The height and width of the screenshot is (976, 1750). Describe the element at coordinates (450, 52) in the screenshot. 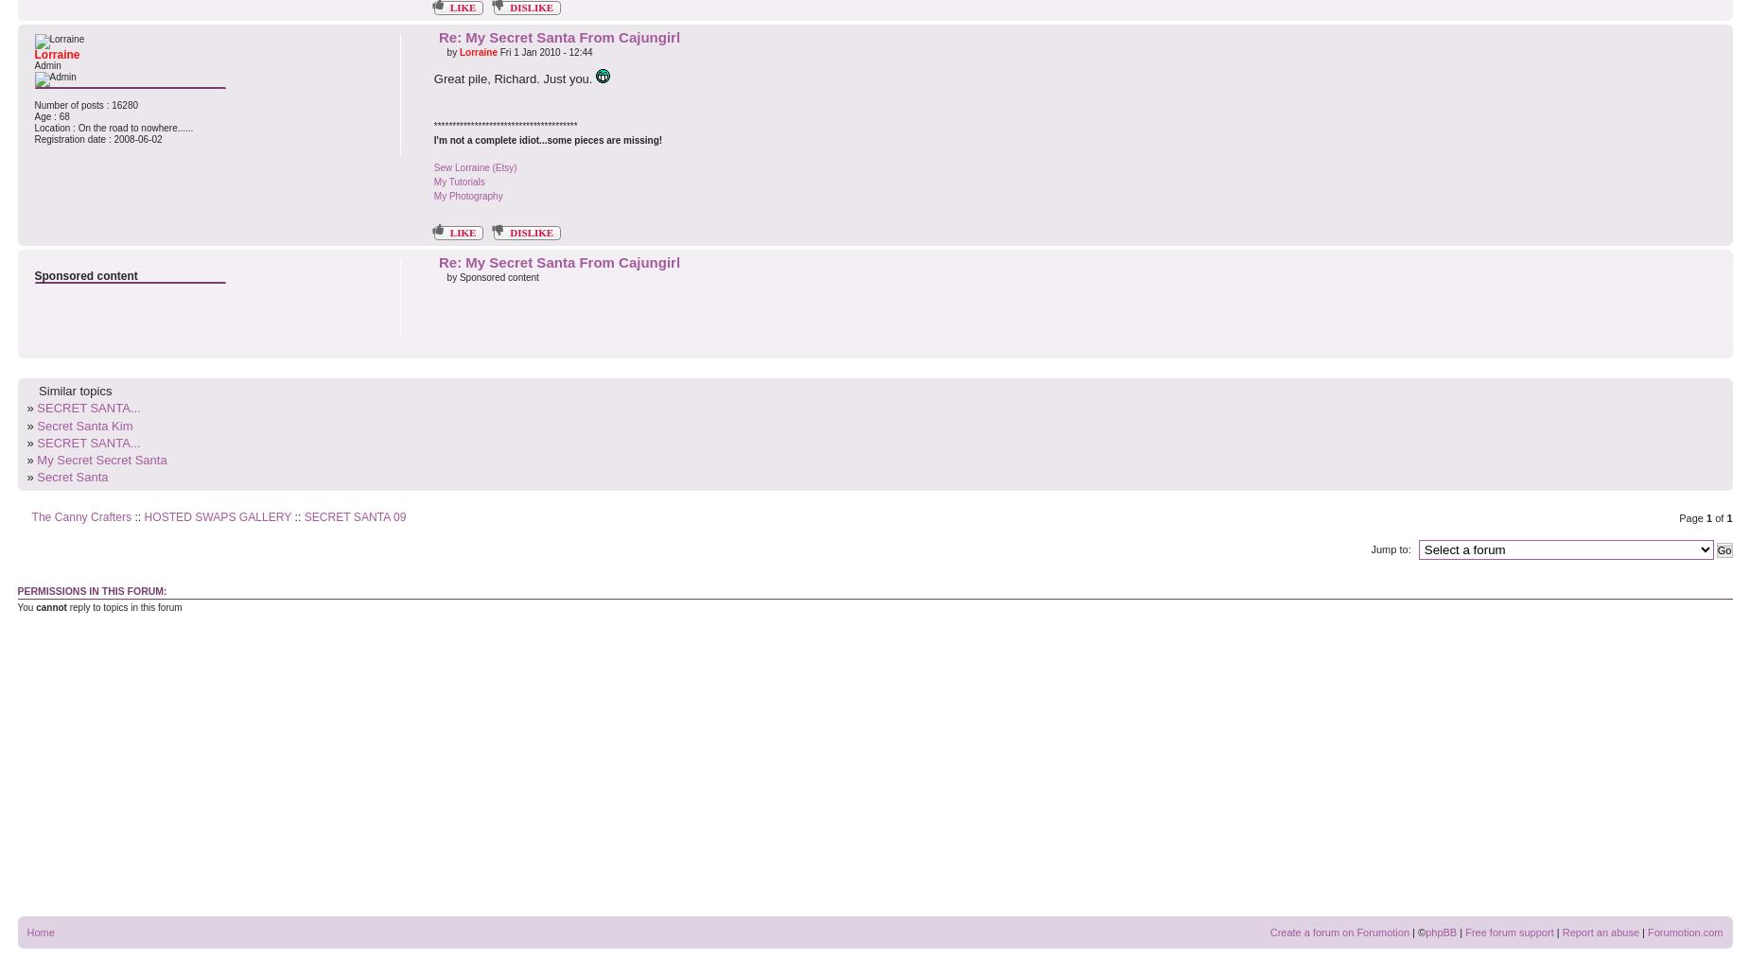

I see `'by'` at that location.